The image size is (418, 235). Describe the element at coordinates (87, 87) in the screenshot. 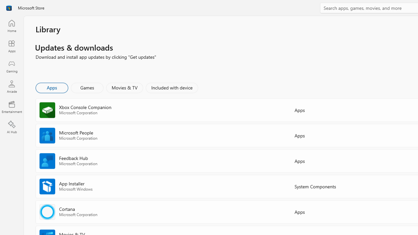

I see `'Games'` at that location.